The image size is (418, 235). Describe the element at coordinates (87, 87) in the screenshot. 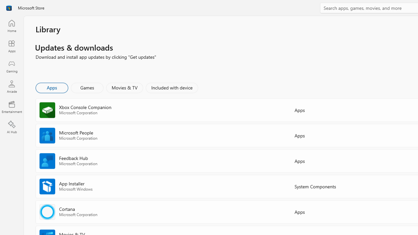

I see `'Games'` at that location.